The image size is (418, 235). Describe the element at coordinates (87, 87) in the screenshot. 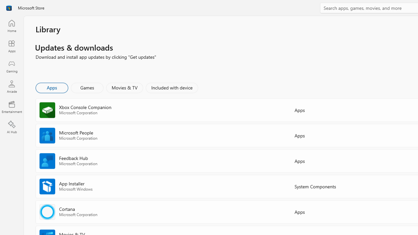

I see `'Games'` at that location.